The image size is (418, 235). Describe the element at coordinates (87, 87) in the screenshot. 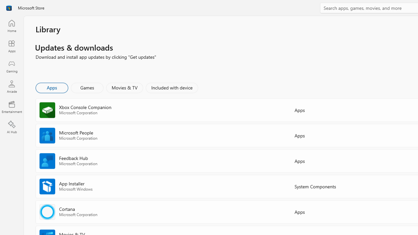

I see `'Games'` at that location.